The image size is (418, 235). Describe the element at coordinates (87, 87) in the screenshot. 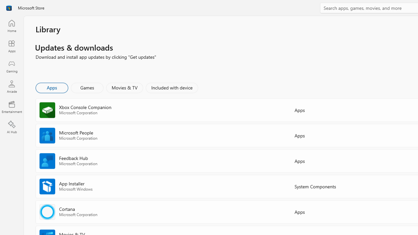

I see `'Games'` at that location.